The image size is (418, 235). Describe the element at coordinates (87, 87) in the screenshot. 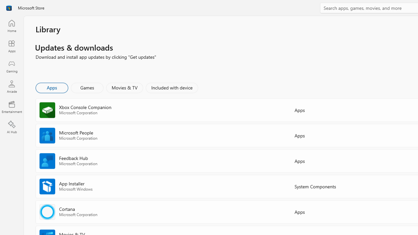

I see `'Games'` at that location.